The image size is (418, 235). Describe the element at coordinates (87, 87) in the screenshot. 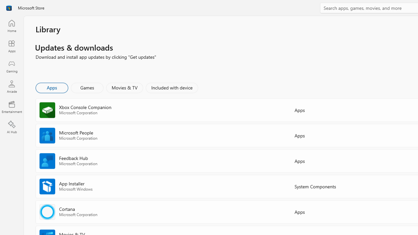

I see `'Games'` at that location.